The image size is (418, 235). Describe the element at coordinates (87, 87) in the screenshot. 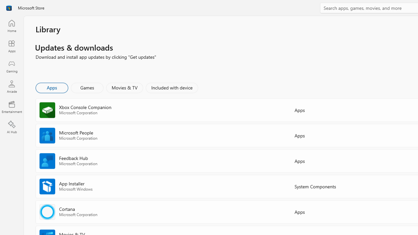

I see `'Games'` at that location.